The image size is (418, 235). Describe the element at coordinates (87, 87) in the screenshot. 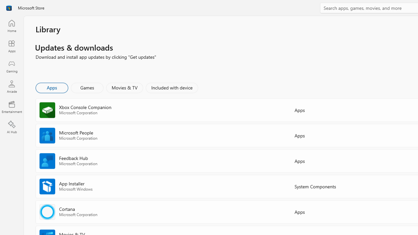

I see `'Games'` at that location.